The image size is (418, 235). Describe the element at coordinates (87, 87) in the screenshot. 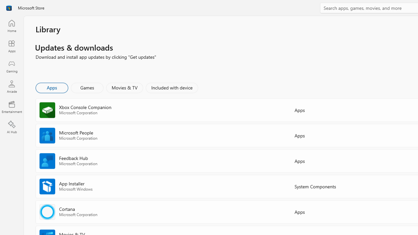

I see `'Games'` at that location.